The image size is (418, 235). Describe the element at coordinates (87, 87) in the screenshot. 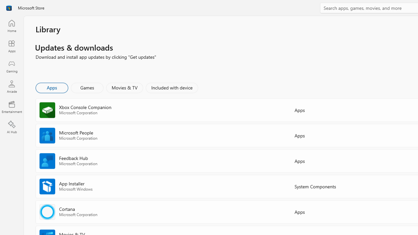

I see `'Games'` at that location.